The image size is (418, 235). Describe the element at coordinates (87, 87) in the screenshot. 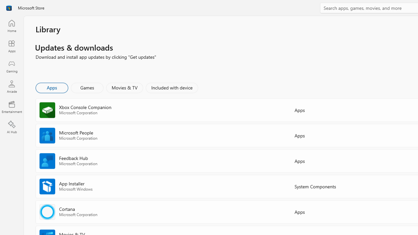

I see `'Games'` at that location.